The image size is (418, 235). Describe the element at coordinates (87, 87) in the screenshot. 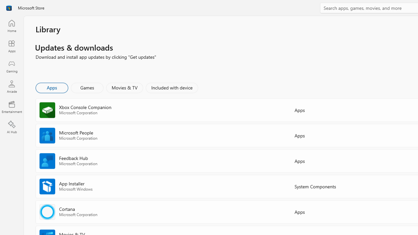

I see `'Games'` at that location.